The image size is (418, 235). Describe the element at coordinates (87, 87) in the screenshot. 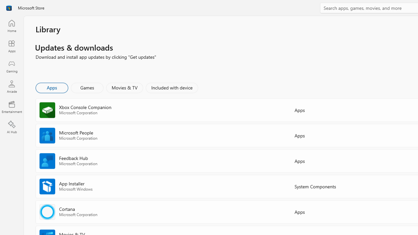

I see `'Games'` at that location.